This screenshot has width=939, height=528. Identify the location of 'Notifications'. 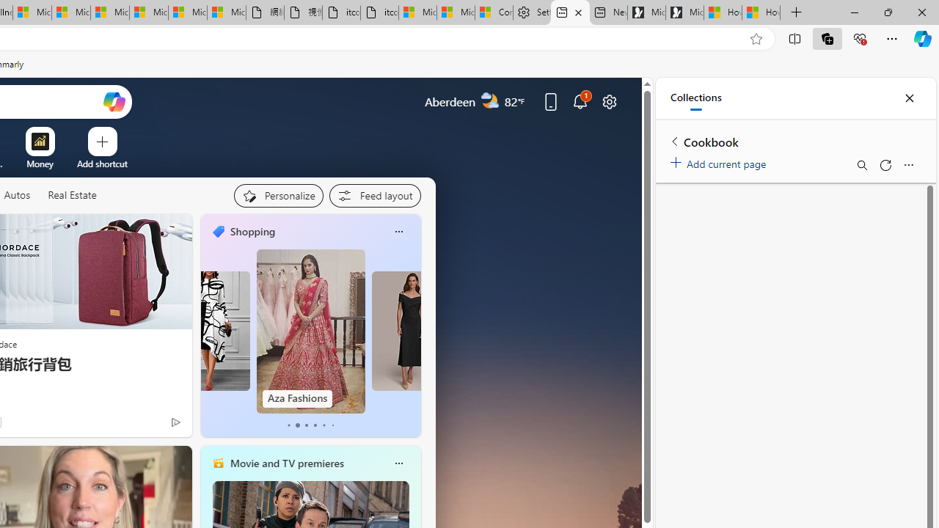
(580, 100).